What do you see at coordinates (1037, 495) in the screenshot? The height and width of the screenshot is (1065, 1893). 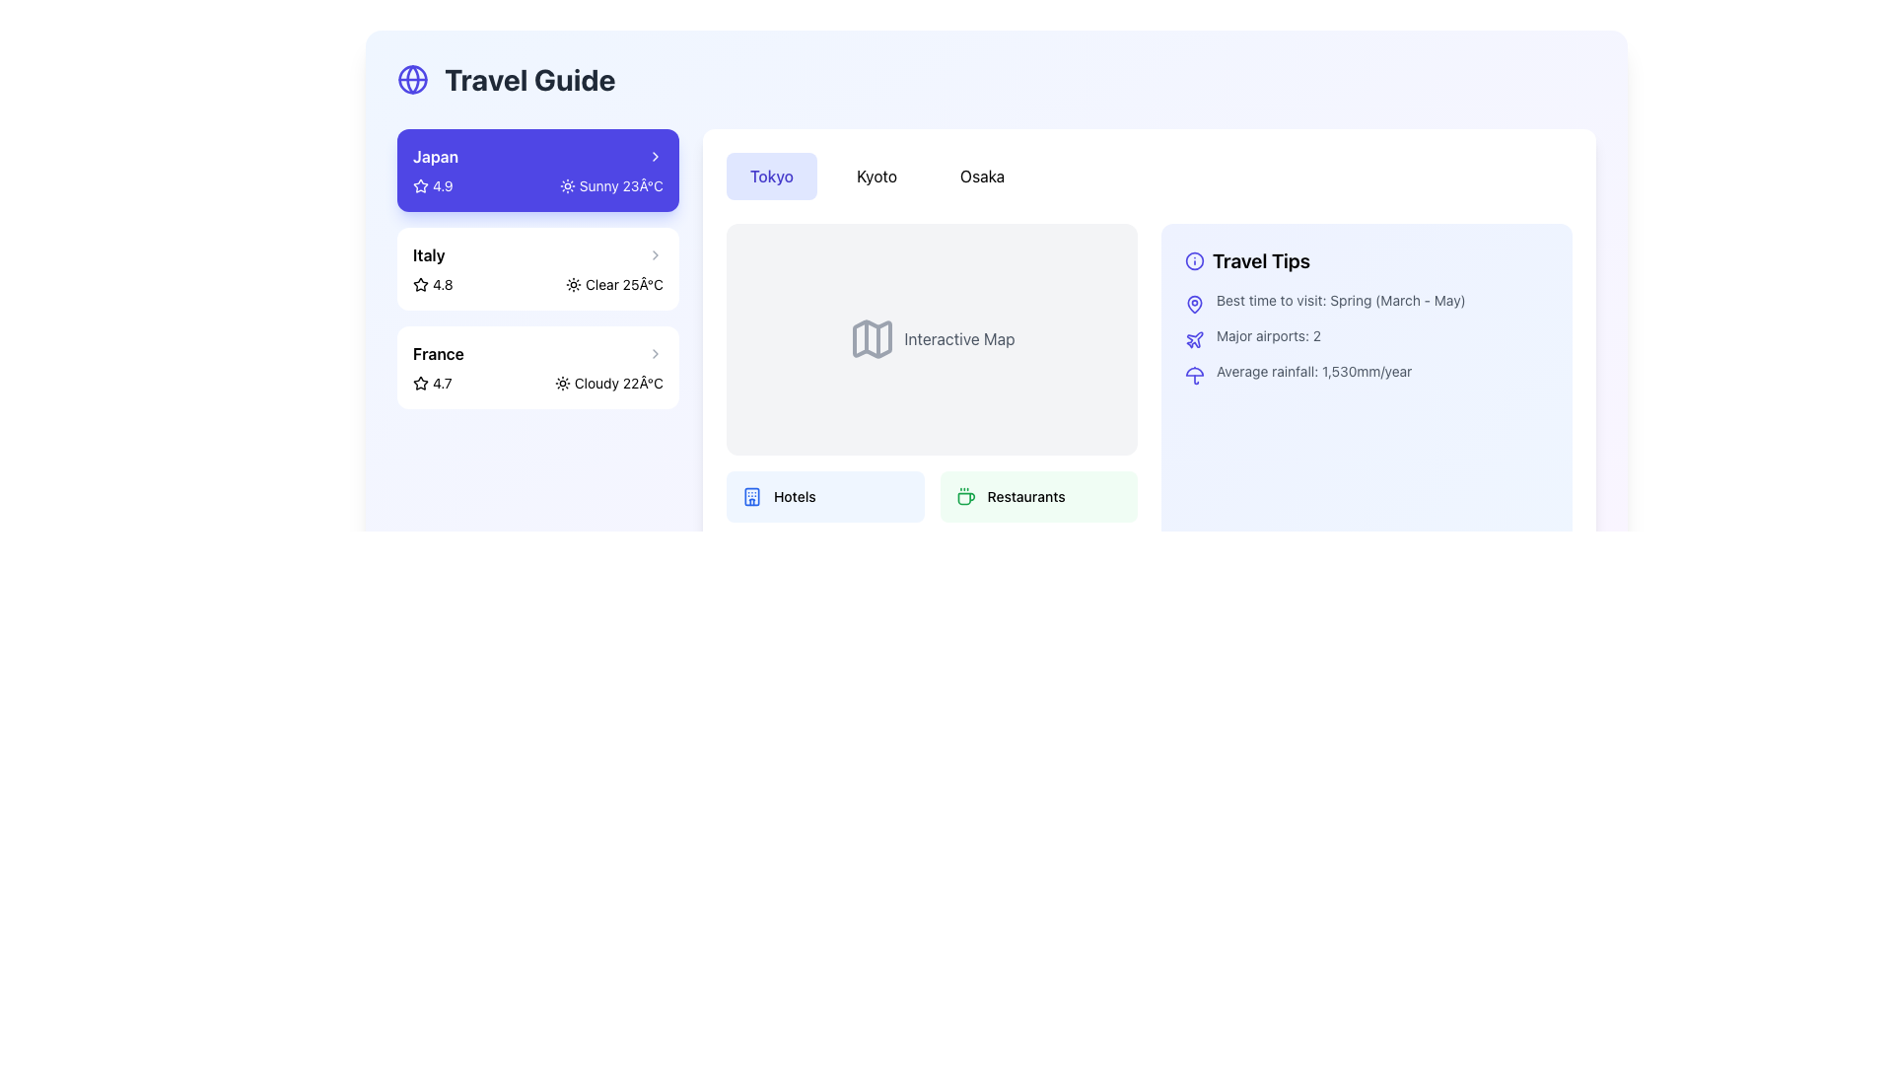 I see `the rectangular button with a light green background and a coffee cup icon labeled 'Restaurants'` at bounding box center [1037, 495].